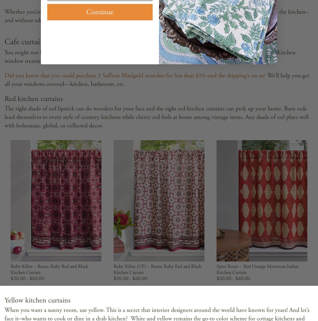 The height and width of the screenshot is (321, 318). What do you see at coordinates (150, 56) in the screenshot?
I see `'You might not have a name for your design style, but you know what colors you like (and which colors you don’t!).  Kitchen window treatments will help you bring the right colors into your kitchen.'` at bounding box center [150, 56].